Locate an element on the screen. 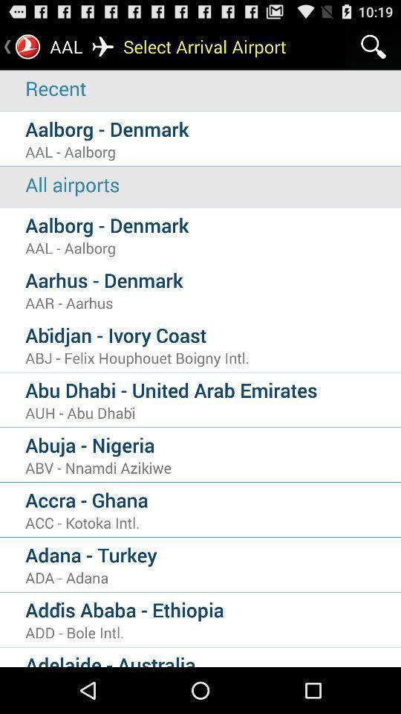 The width and height of the screenshot is (401, 714). the icon above abj felix houphouet is located at coordinates (212, 335).